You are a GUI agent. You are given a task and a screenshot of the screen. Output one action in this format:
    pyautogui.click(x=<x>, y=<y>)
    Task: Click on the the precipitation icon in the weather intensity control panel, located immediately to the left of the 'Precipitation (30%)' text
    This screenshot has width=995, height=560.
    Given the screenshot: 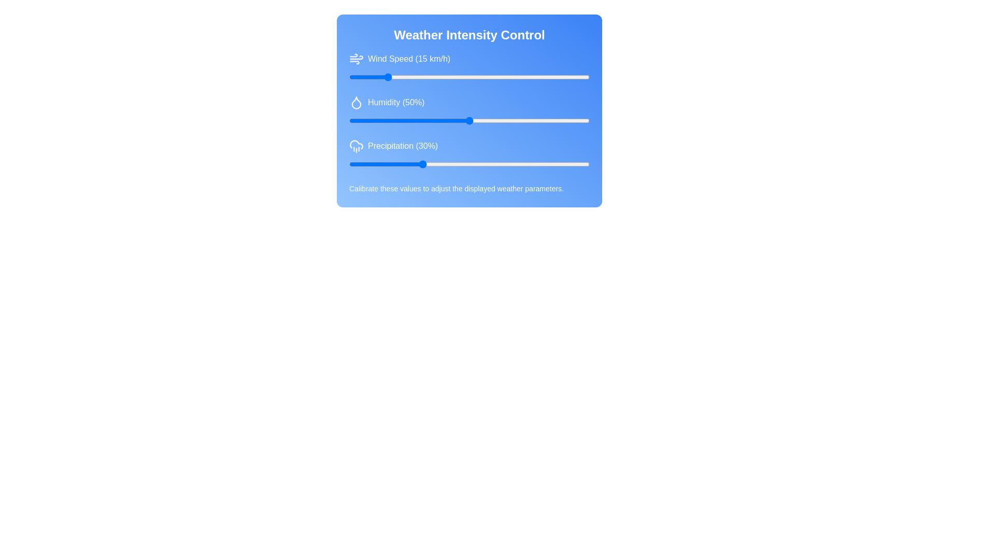 What is the action you would take?
    pyautogui.click(x=356, y=146)
    